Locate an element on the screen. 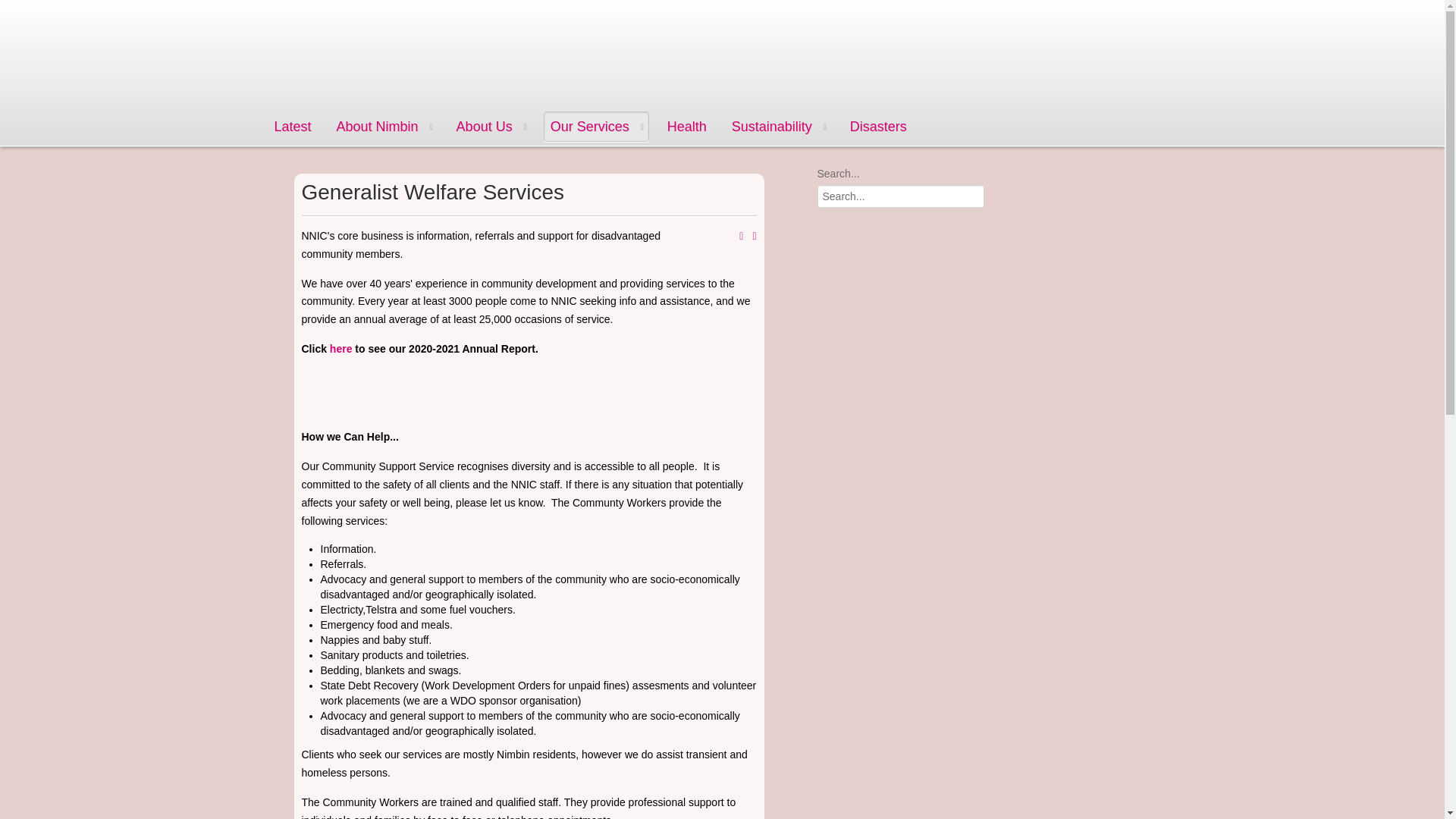  'Print' is located at coordinates (741, 236).